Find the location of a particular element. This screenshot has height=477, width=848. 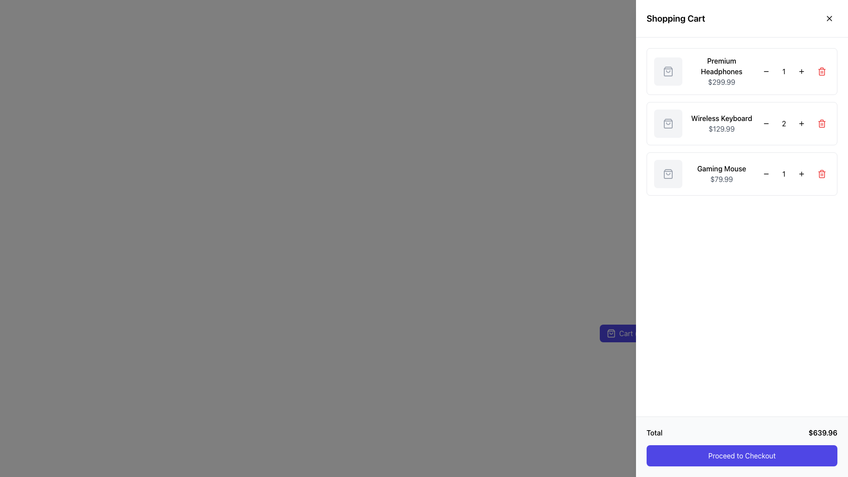

the plus icon button to increment the item quantity in the shopping cart interface, located on the second item's row adjacent to the quantity indicator is located at coordinates (801, 124).